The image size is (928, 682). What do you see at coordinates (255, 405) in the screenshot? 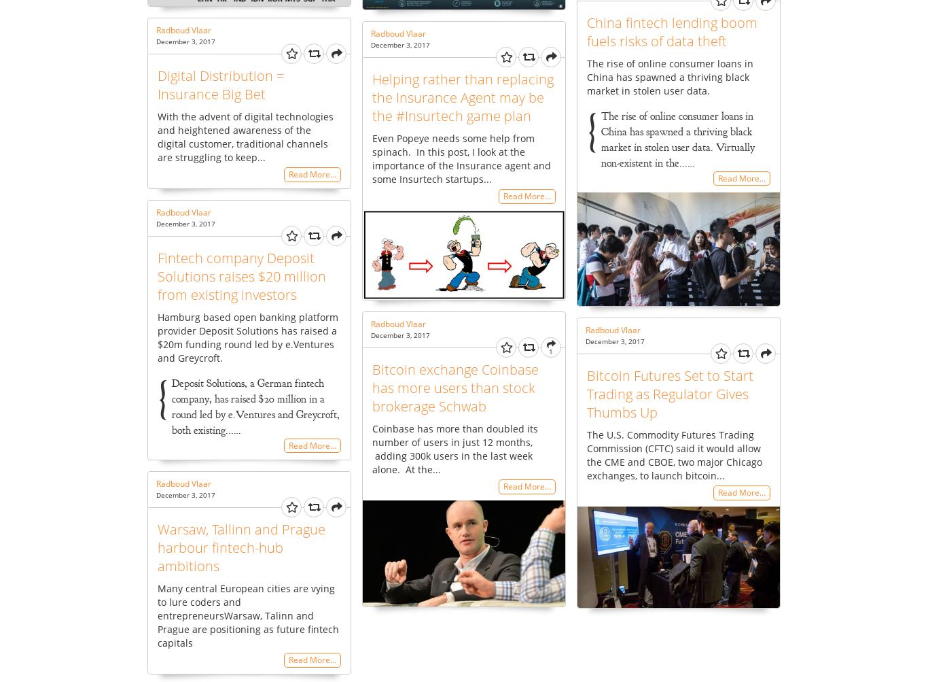
I see `'Deposit Solutions, a German fintech company, has raised $20 million in a round led by e.Ventures and Greycroft, both existing...…'` at bounding box center [255, 405].